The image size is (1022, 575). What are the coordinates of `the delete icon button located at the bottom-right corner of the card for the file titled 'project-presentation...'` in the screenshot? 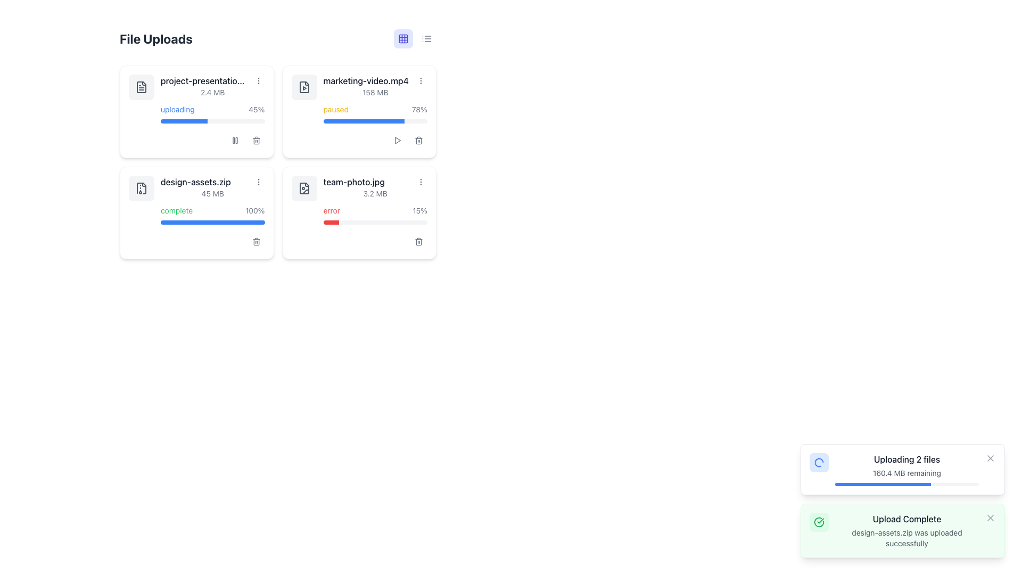 It's located at (256, 139).